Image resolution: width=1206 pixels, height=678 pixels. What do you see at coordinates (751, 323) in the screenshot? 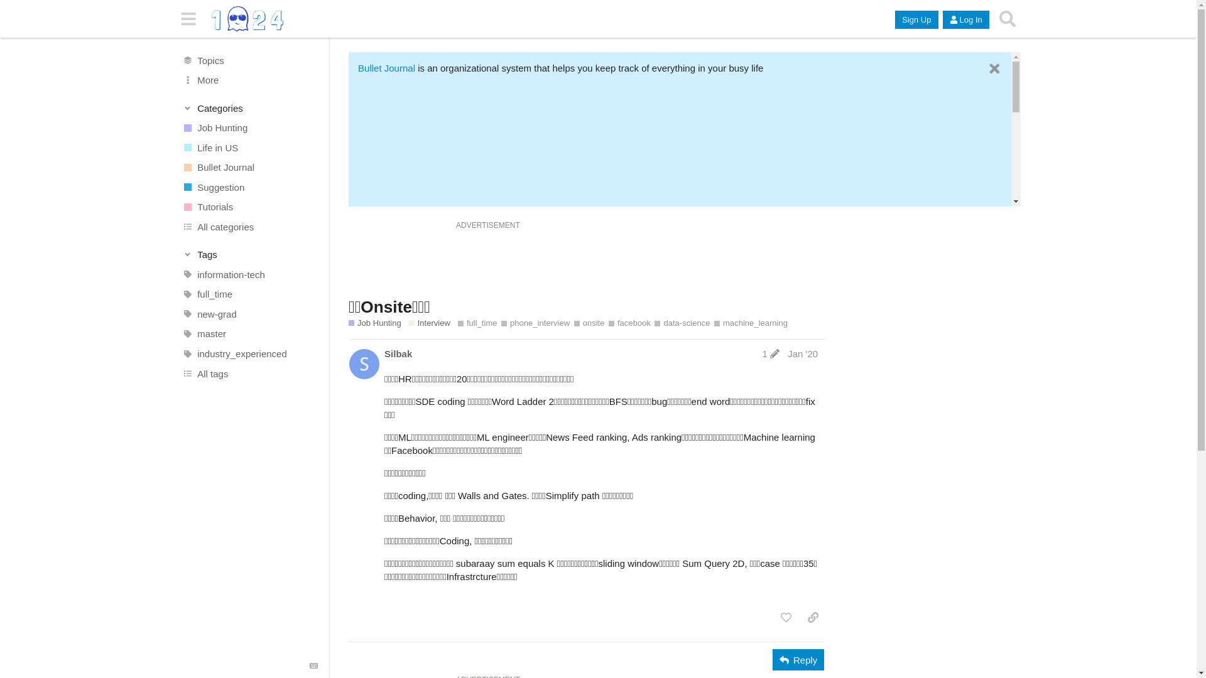
I see `'machine_learning'` at bounding box center [751, 323].